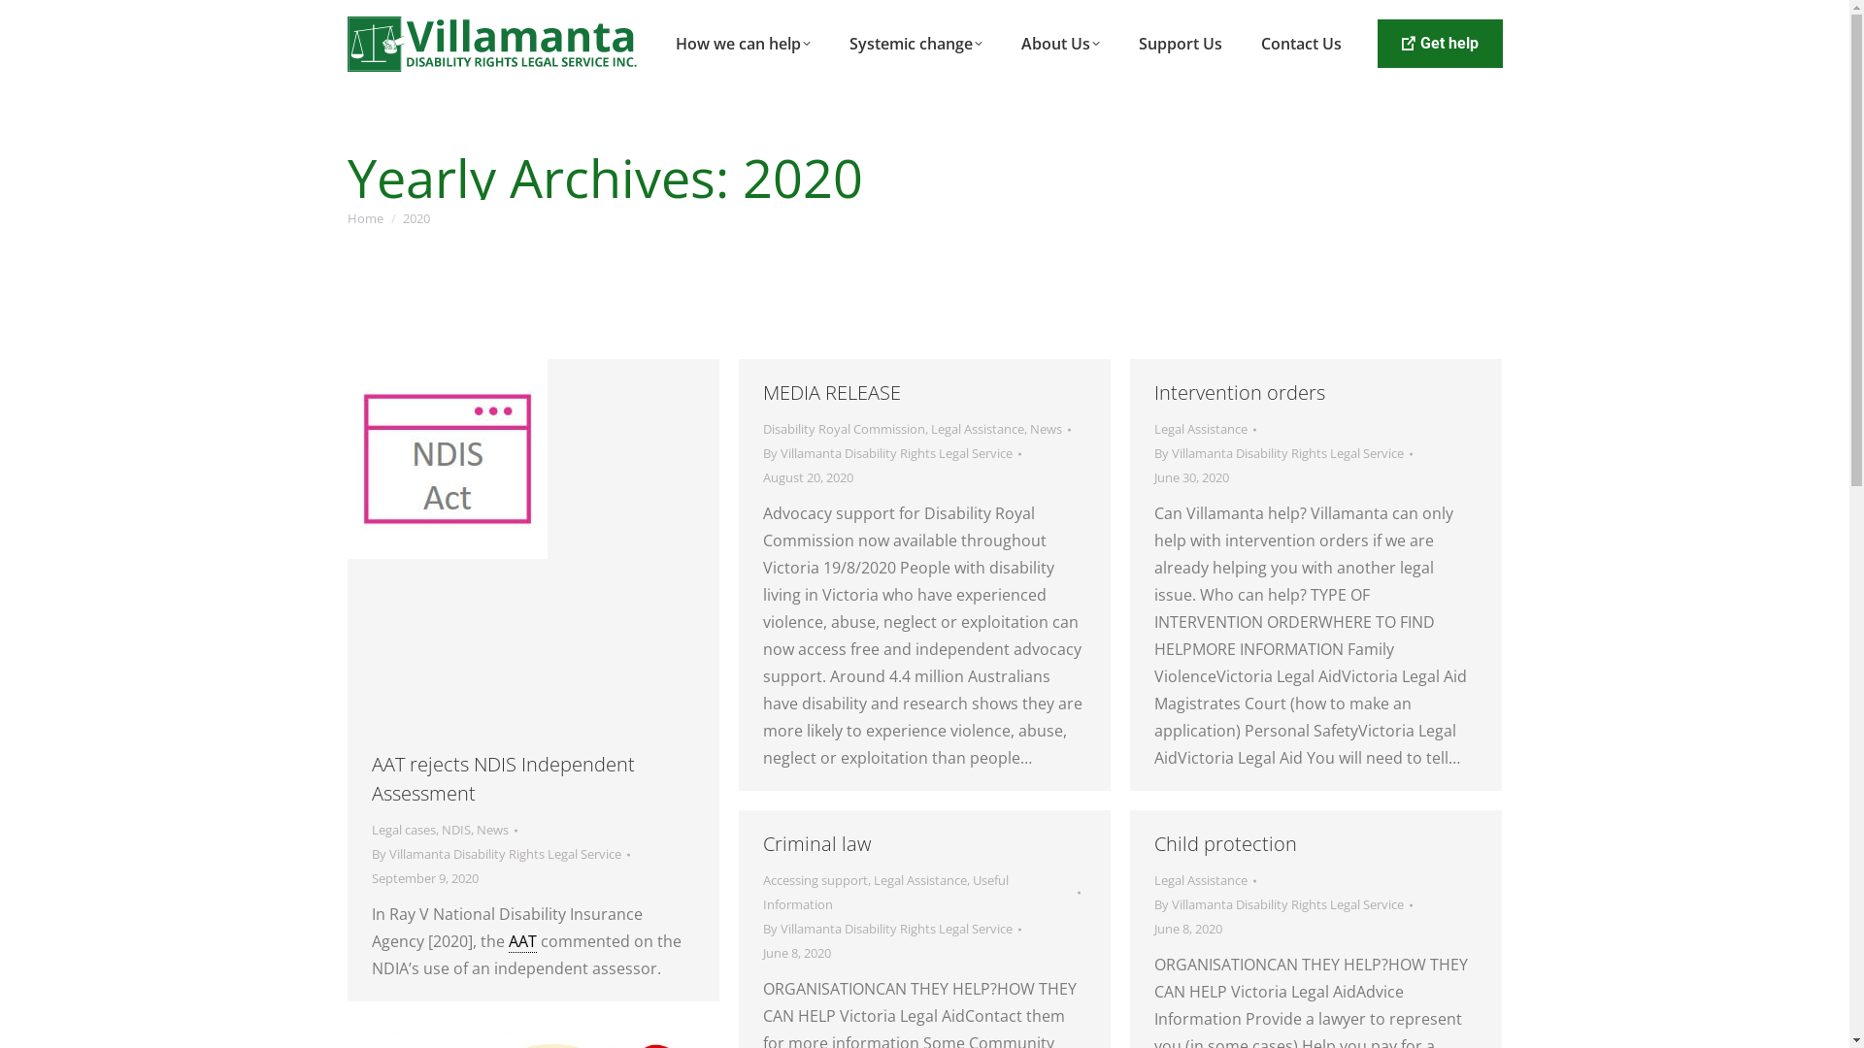 The image size is (1864, 1048). Describe the element at coordinates (1186, 928) in the screenshot. I see `'June 8, 2020'` at that location.